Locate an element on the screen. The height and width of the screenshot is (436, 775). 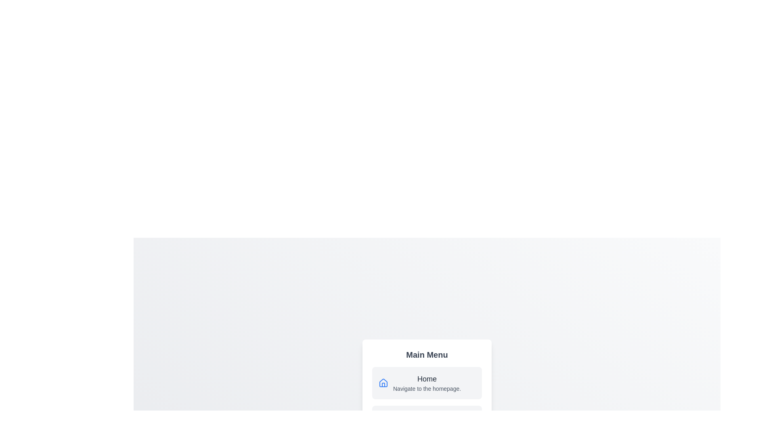
the 'Main Menu' title is located at coordinates (426, 354).